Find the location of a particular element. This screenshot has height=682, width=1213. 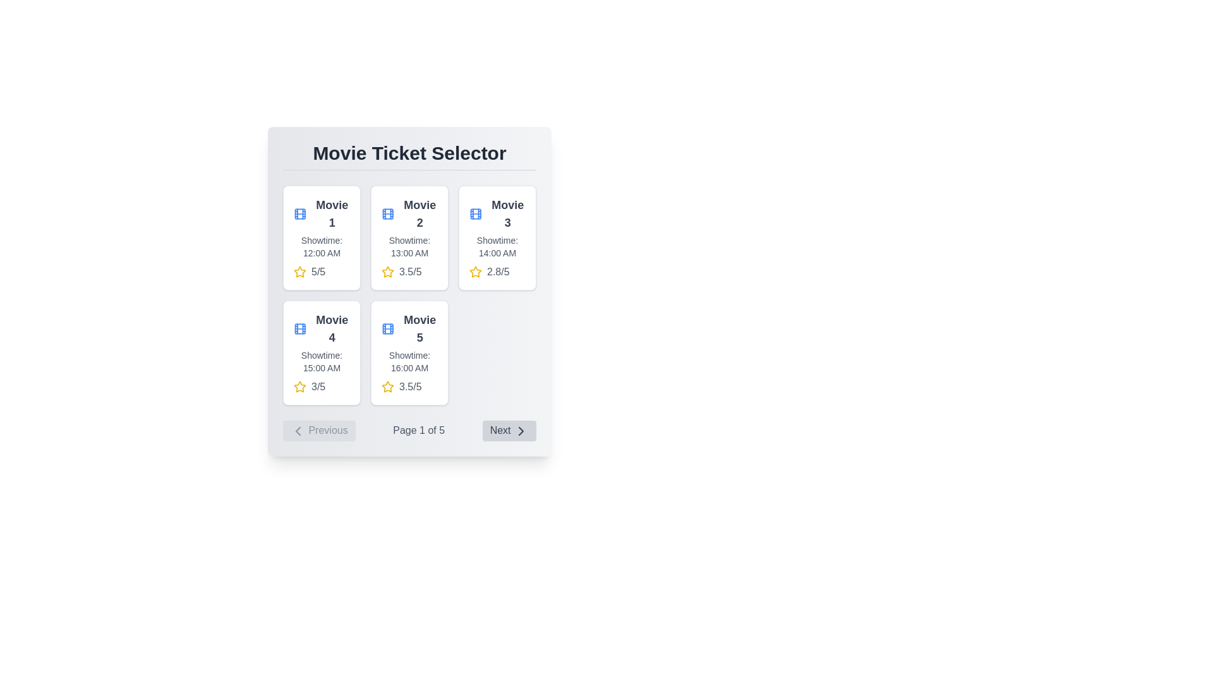

the left-pointing chevron icon within the 'Previous' button is located at coordinates (297, 430).